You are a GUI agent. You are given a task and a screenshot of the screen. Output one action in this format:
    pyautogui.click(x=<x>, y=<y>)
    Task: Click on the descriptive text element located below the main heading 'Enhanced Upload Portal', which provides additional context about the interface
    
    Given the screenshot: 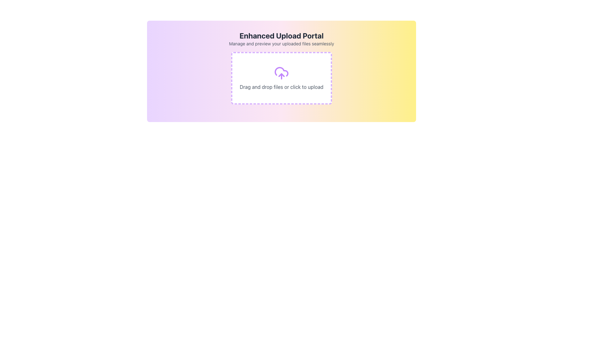 What is the action you would take?
    pyautogui.click(x=281, y=43)
    